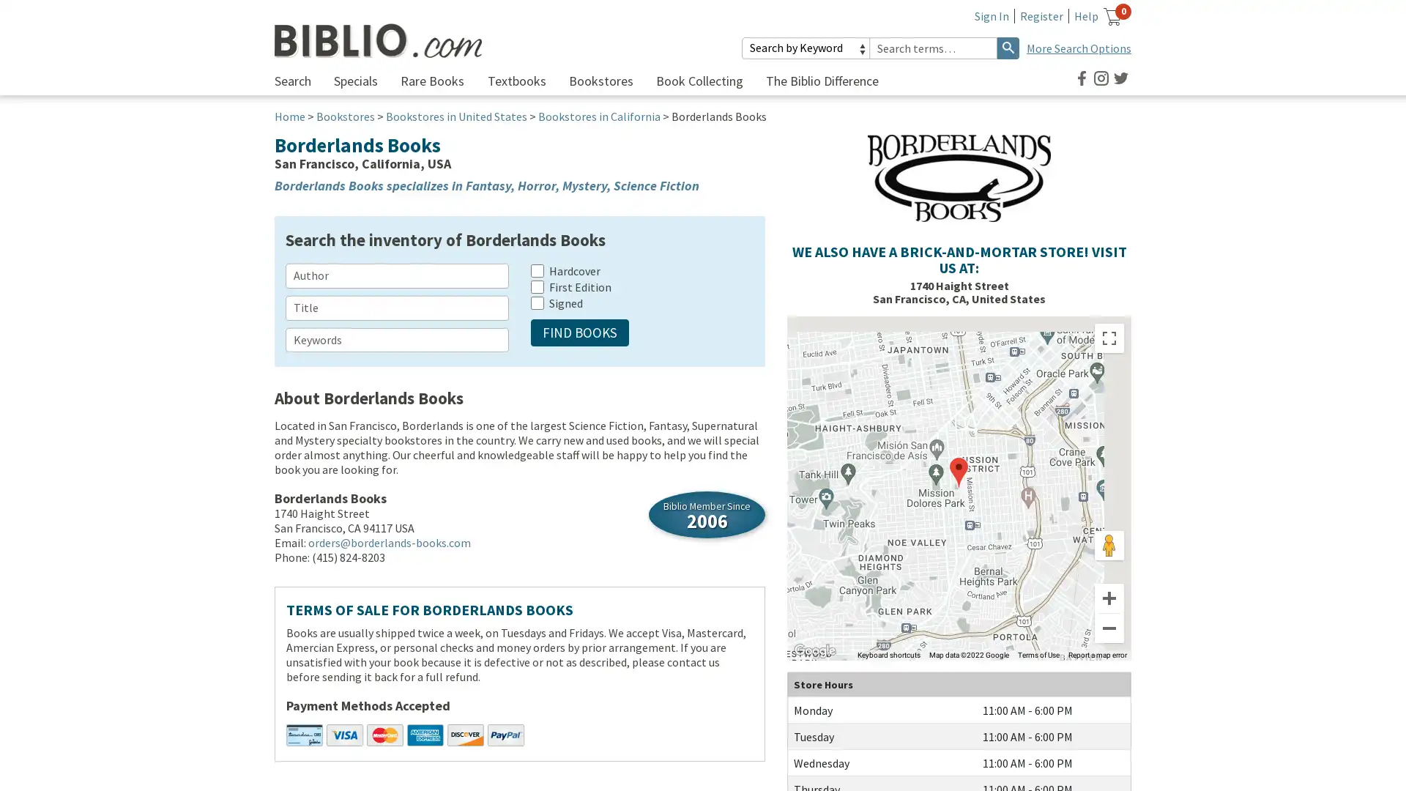  I want to click on Toggle fullscreen view, so click(1109, 338).